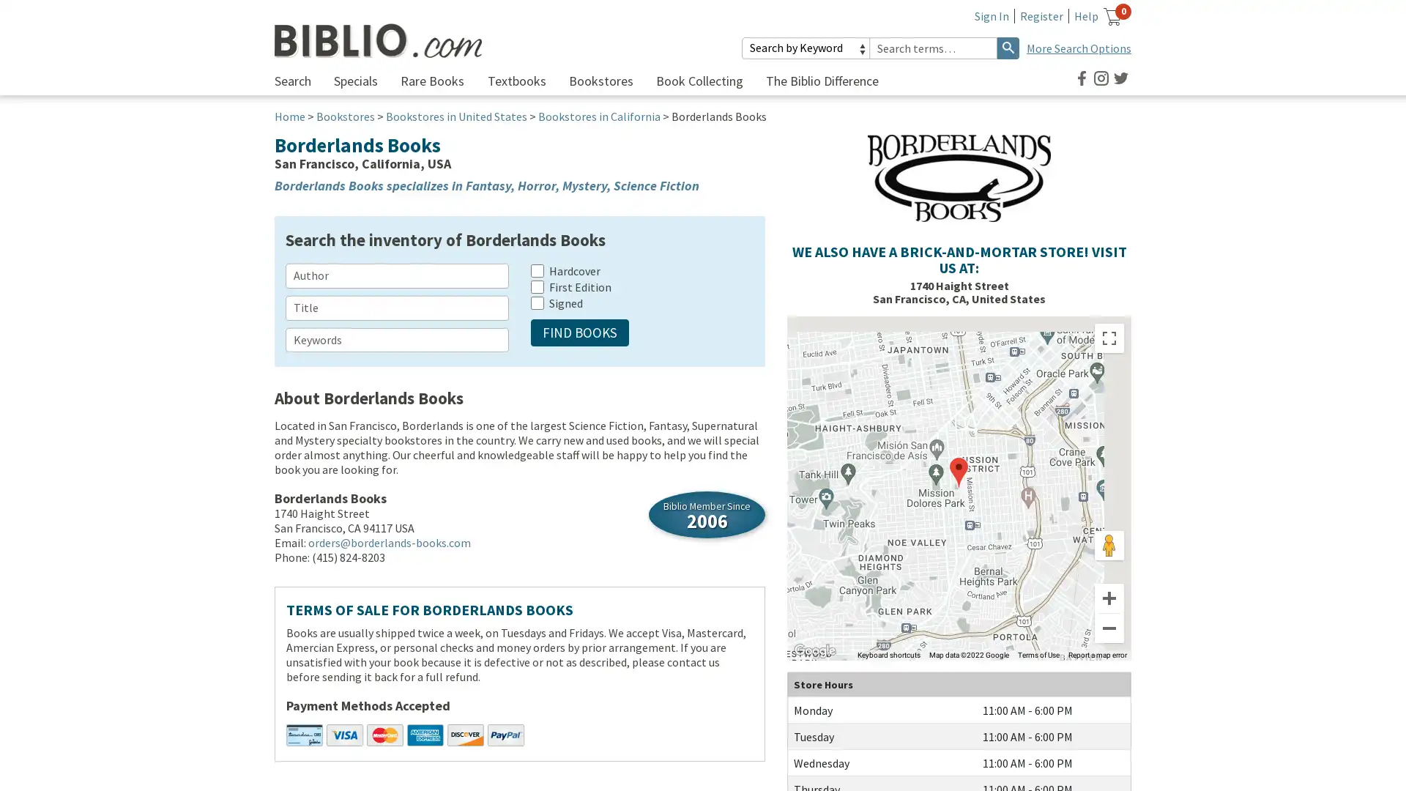  I want to click on Toggle fullscreen view, so click(1109, 338).